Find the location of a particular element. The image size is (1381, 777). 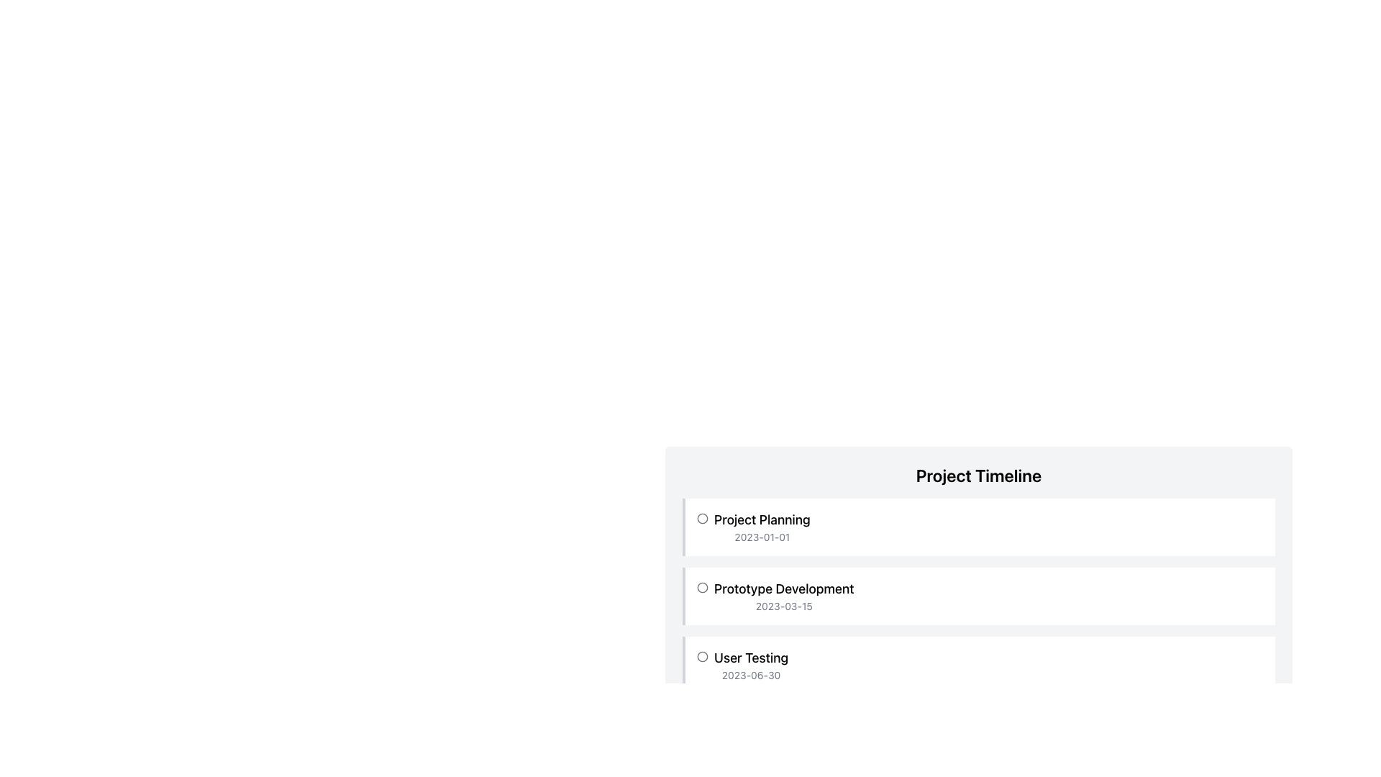

the circular icon marking the 'Prototype Development' milestone on the project timeline is located at coordinates (703, 596).